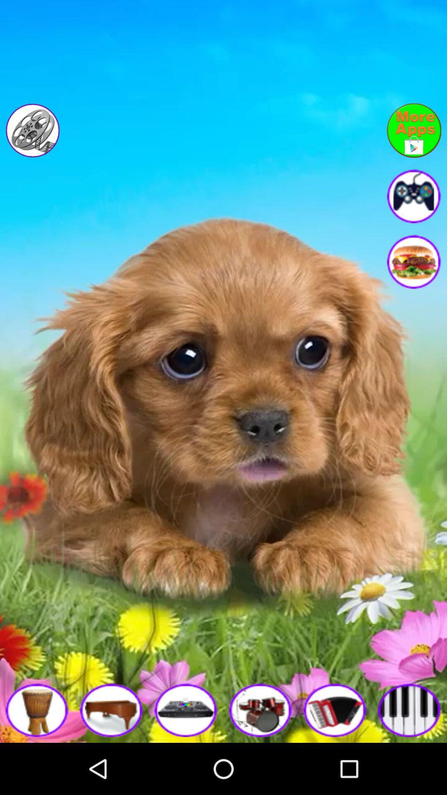 This screenshot has width=447, height=795. I want to click on the game is make mind very calm, so click(414, 195).